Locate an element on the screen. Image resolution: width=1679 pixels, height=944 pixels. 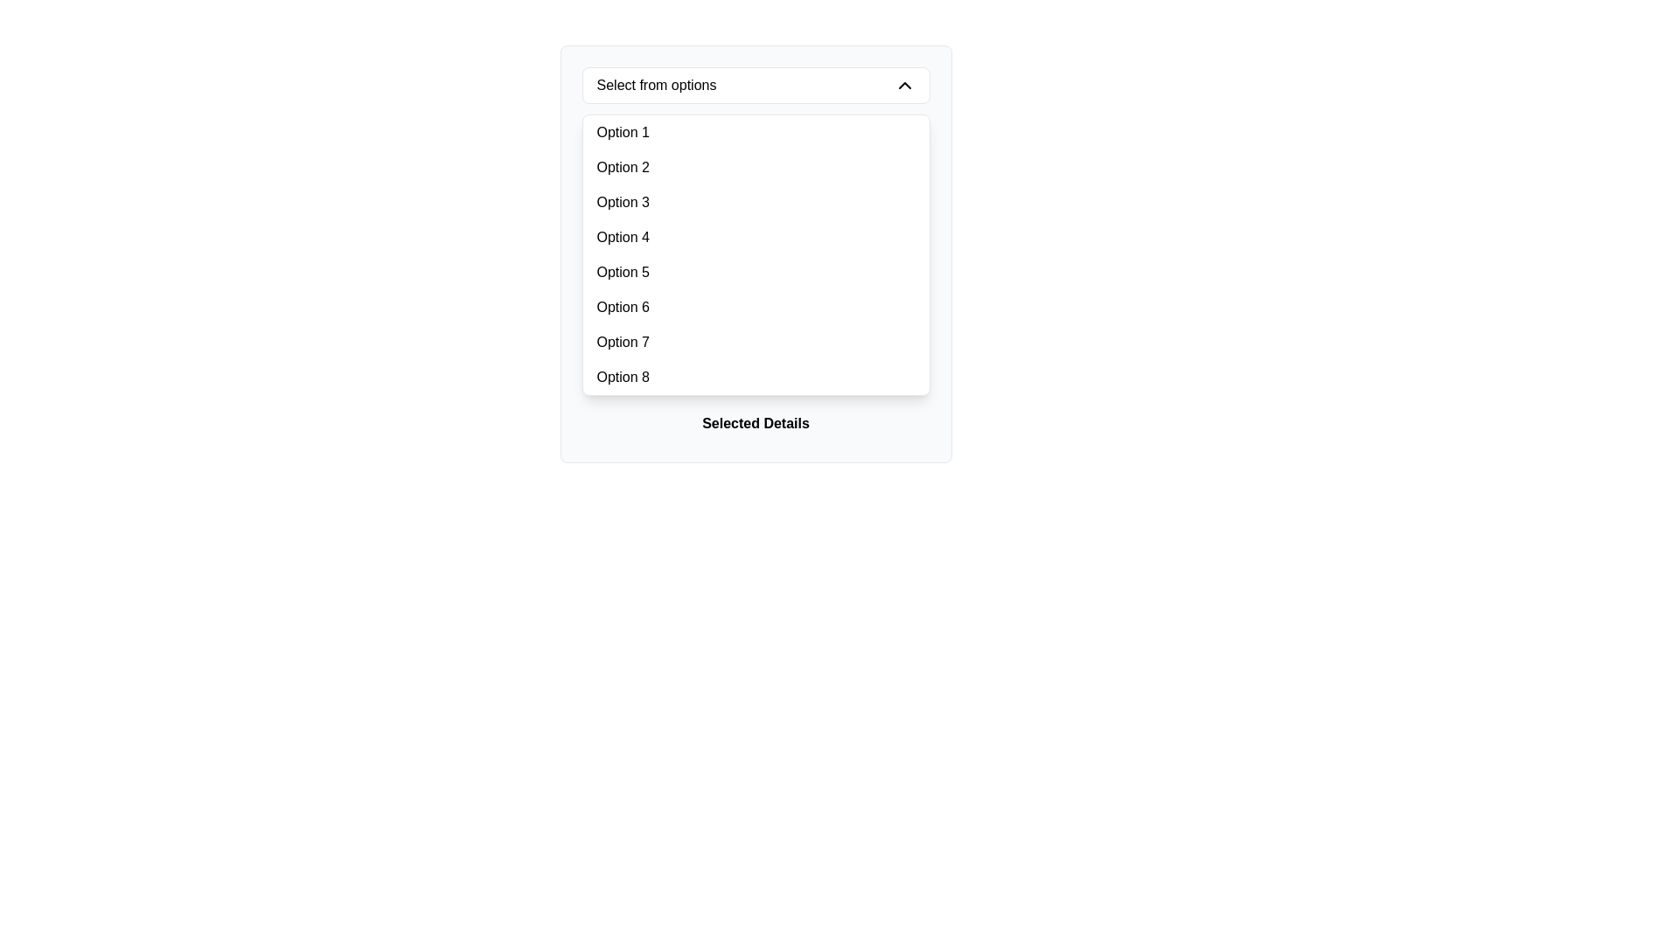
the dropdown menu item labeled 'Option 3' is located at coordinates (623, 201).